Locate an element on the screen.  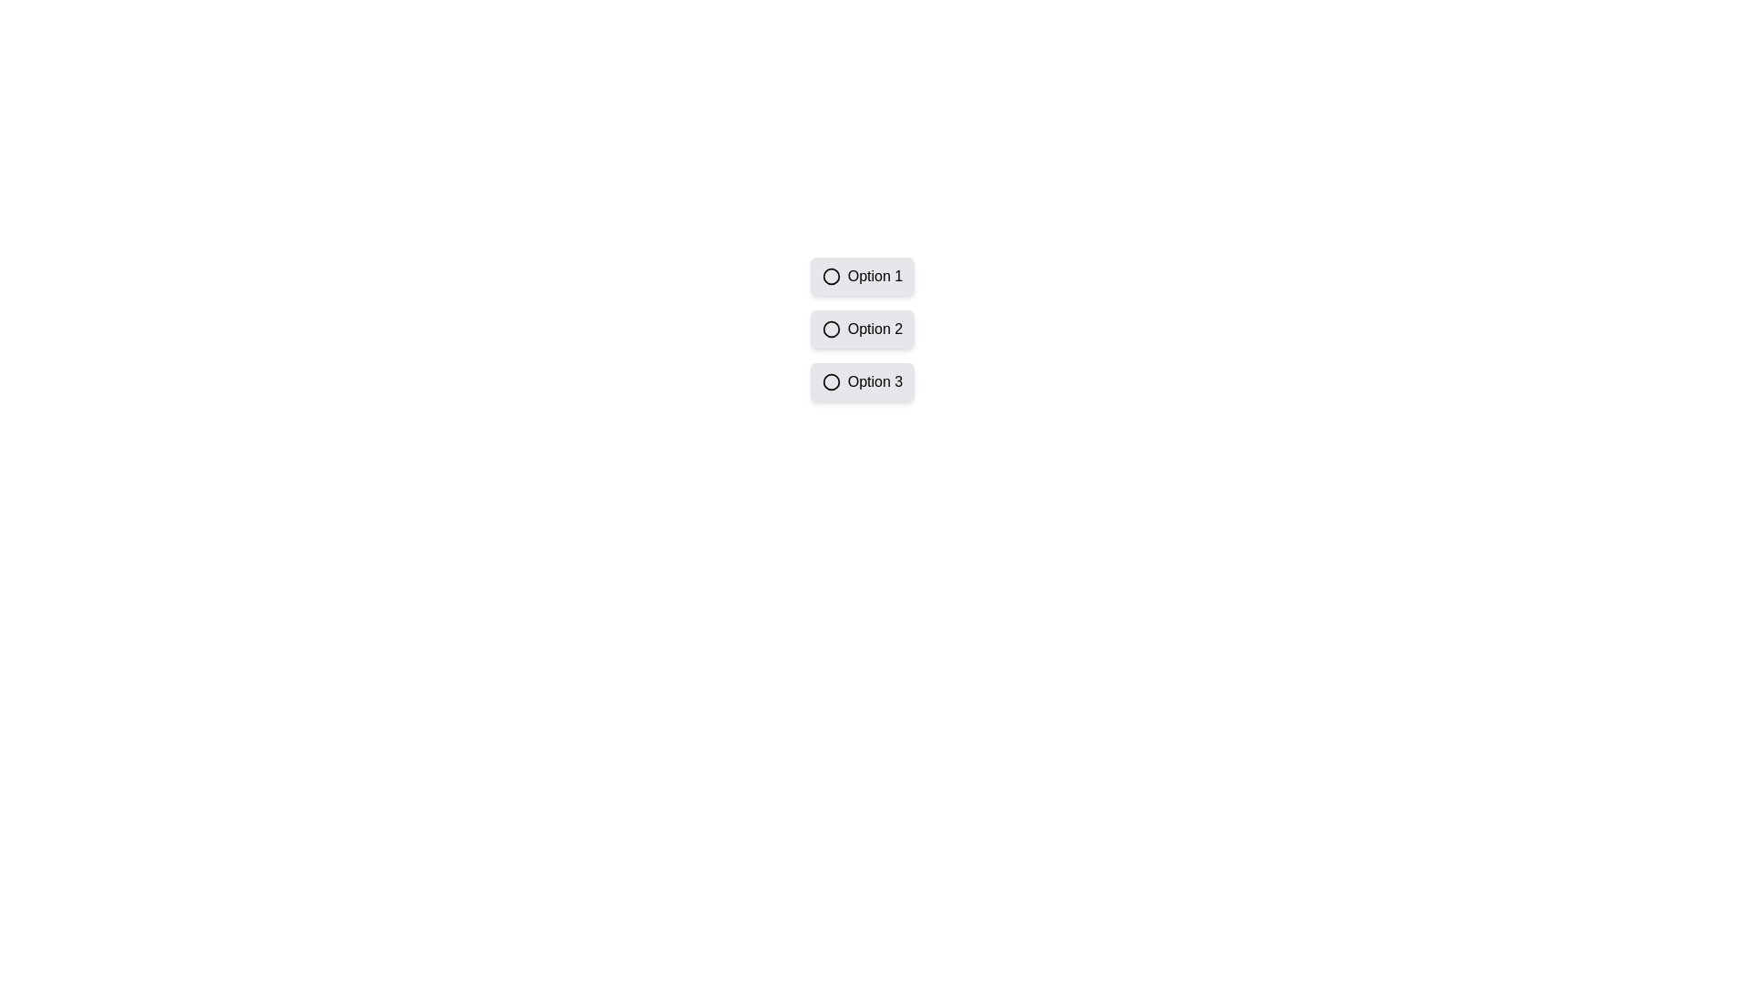
the circular shape of the radio button, which is the third option in a vertical list is located at coordinates (830, 381).